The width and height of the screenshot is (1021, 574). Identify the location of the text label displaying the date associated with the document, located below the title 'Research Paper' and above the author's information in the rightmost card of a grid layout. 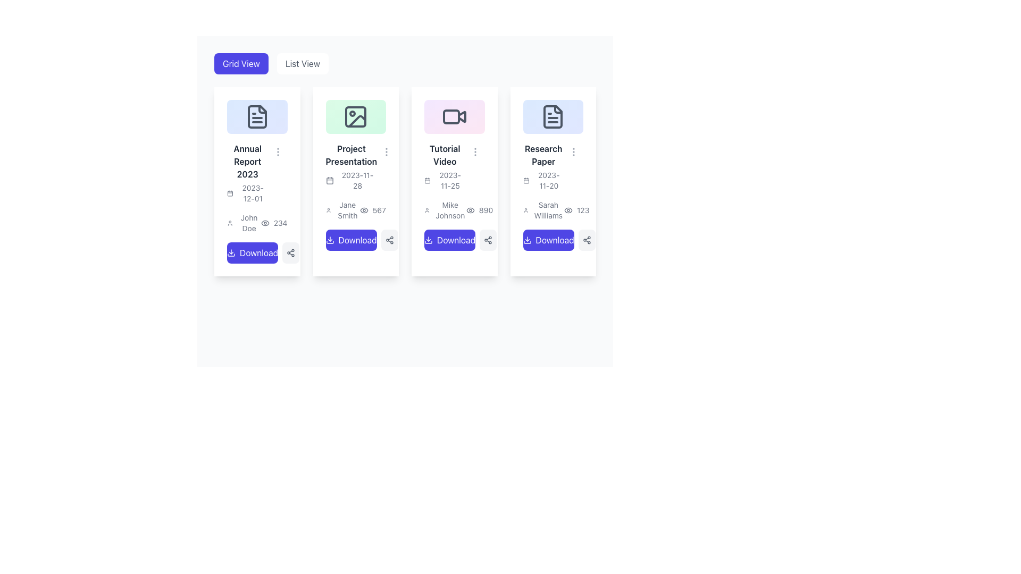
(543, 180).